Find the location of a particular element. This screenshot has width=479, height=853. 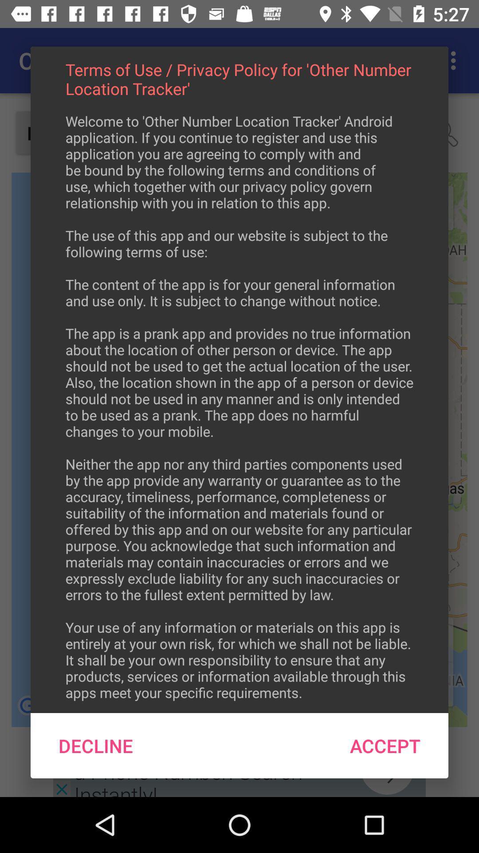

accept at the bottom right corner is located at coordinates (385, 745).